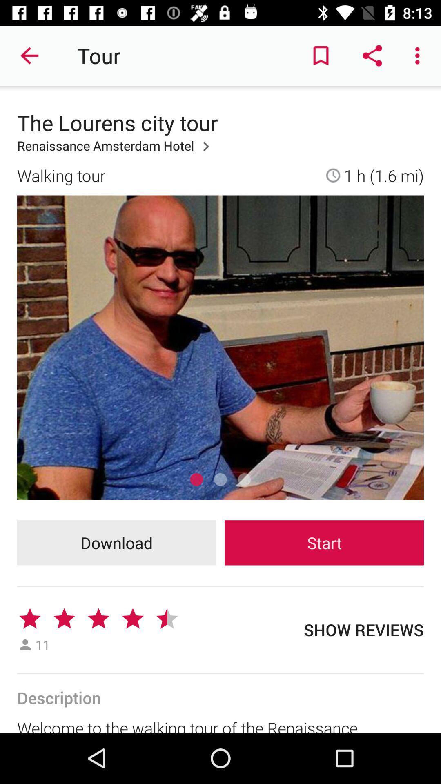  What do you see at coordinates (132, 619) in the screenshot?
I see `the fourth star from left below the download button` at bounding box center [132, 619].